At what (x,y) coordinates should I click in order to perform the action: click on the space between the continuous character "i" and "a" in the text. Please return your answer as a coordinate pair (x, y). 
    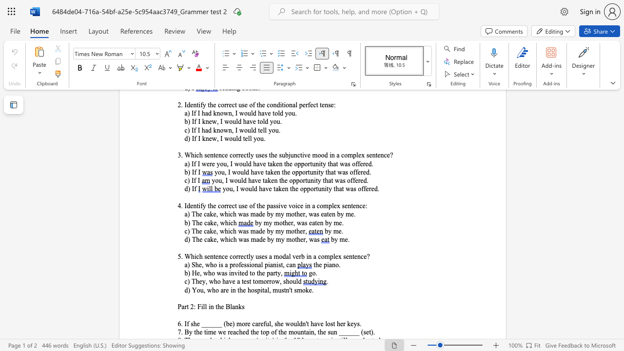
    Looking at the image, I should click on (270, 265).